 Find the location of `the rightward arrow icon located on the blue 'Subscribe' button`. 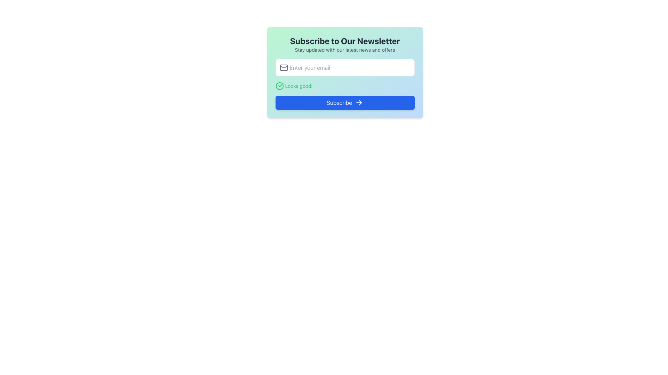

the rightward arrow icon located on the blue 'Subscribe' button is located at coordinates (359, 103).